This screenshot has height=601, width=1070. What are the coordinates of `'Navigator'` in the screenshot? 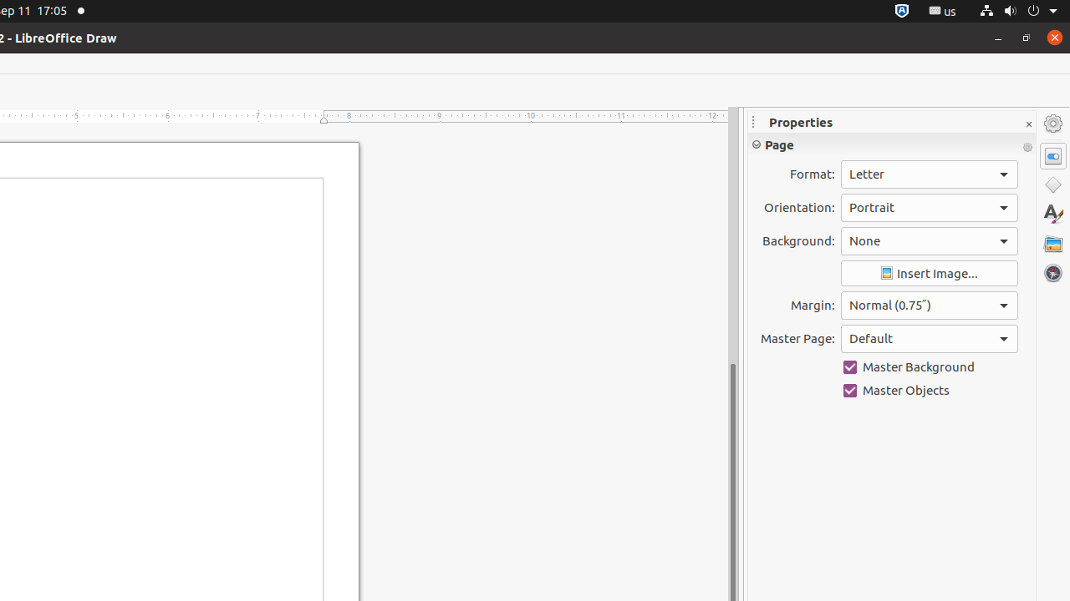 It's located at (1052, 272).